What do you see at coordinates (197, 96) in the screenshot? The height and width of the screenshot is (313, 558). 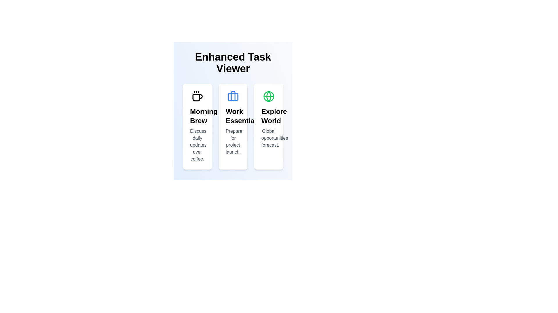 I see `the coffee icon located in the header of the 'Morning Brew' card, which is the leftmost card in a row of three cards, for visual interpretation` at bounding box center [197, 96].